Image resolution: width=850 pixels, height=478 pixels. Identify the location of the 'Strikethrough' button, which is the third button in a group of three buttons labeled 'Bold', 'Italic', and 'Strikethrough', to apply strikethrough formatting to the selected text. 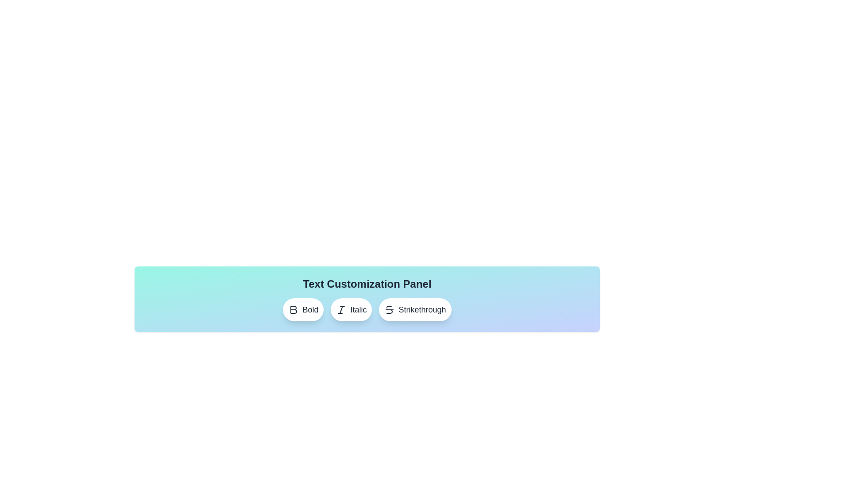
(415, 309).